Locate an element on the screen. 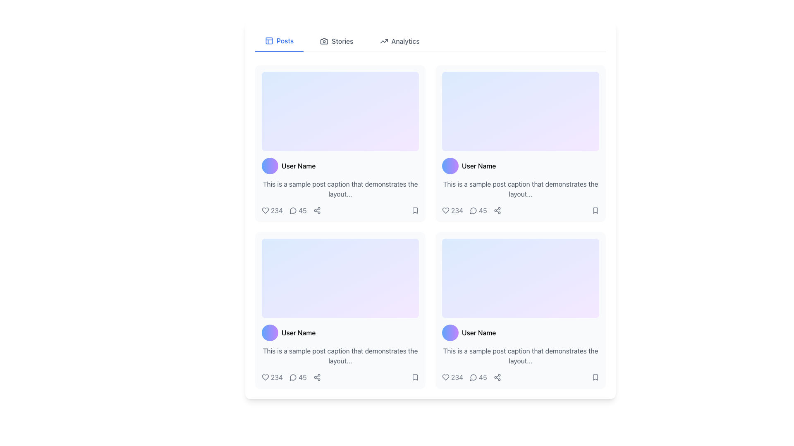 This screenshot has height=446, width=794. the heart icon of the Interactive like button with count display to like, which shows a count of '234' next to it is located at coordinates (272, 377).